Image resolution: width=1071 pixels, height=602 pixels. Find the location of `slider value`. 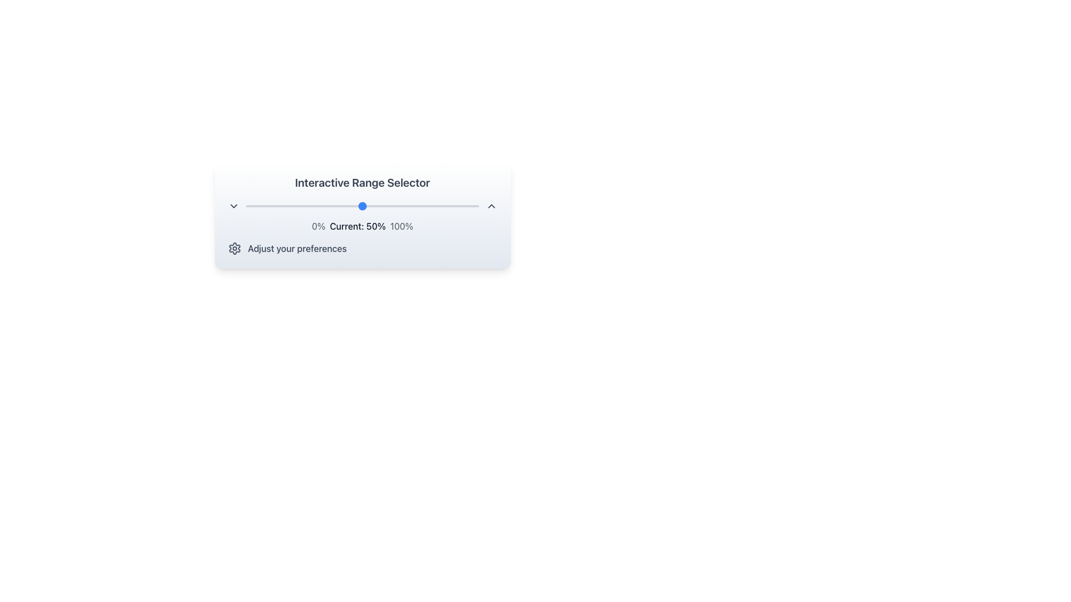

slider value is located at coordinates (286, 206).